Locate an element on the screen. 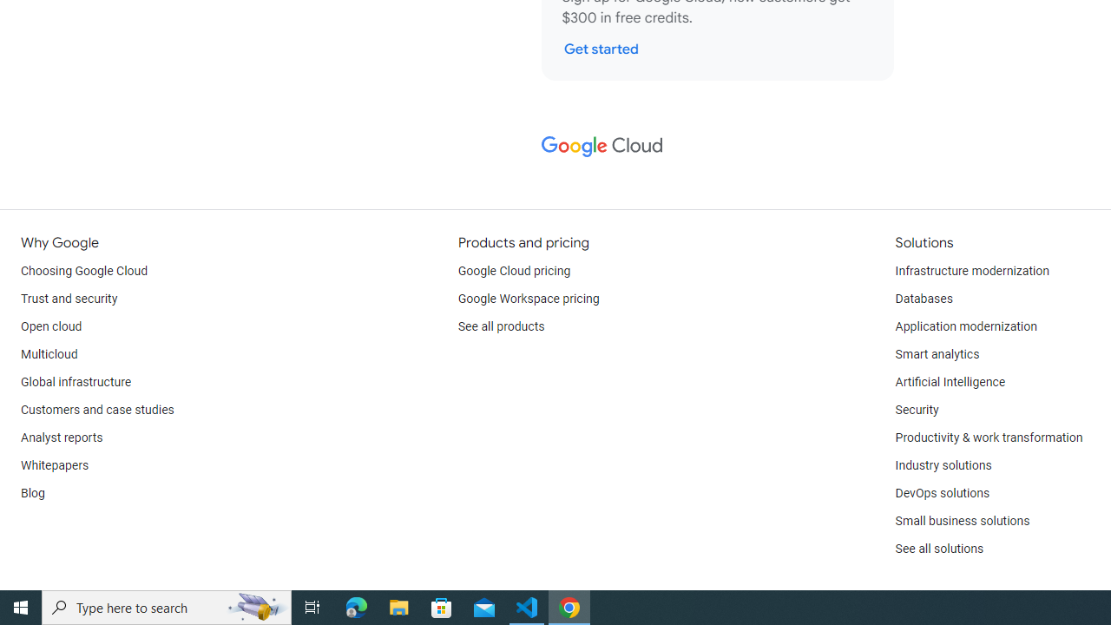  'Artificial Intelligence' is located at coordinates (949, 382).